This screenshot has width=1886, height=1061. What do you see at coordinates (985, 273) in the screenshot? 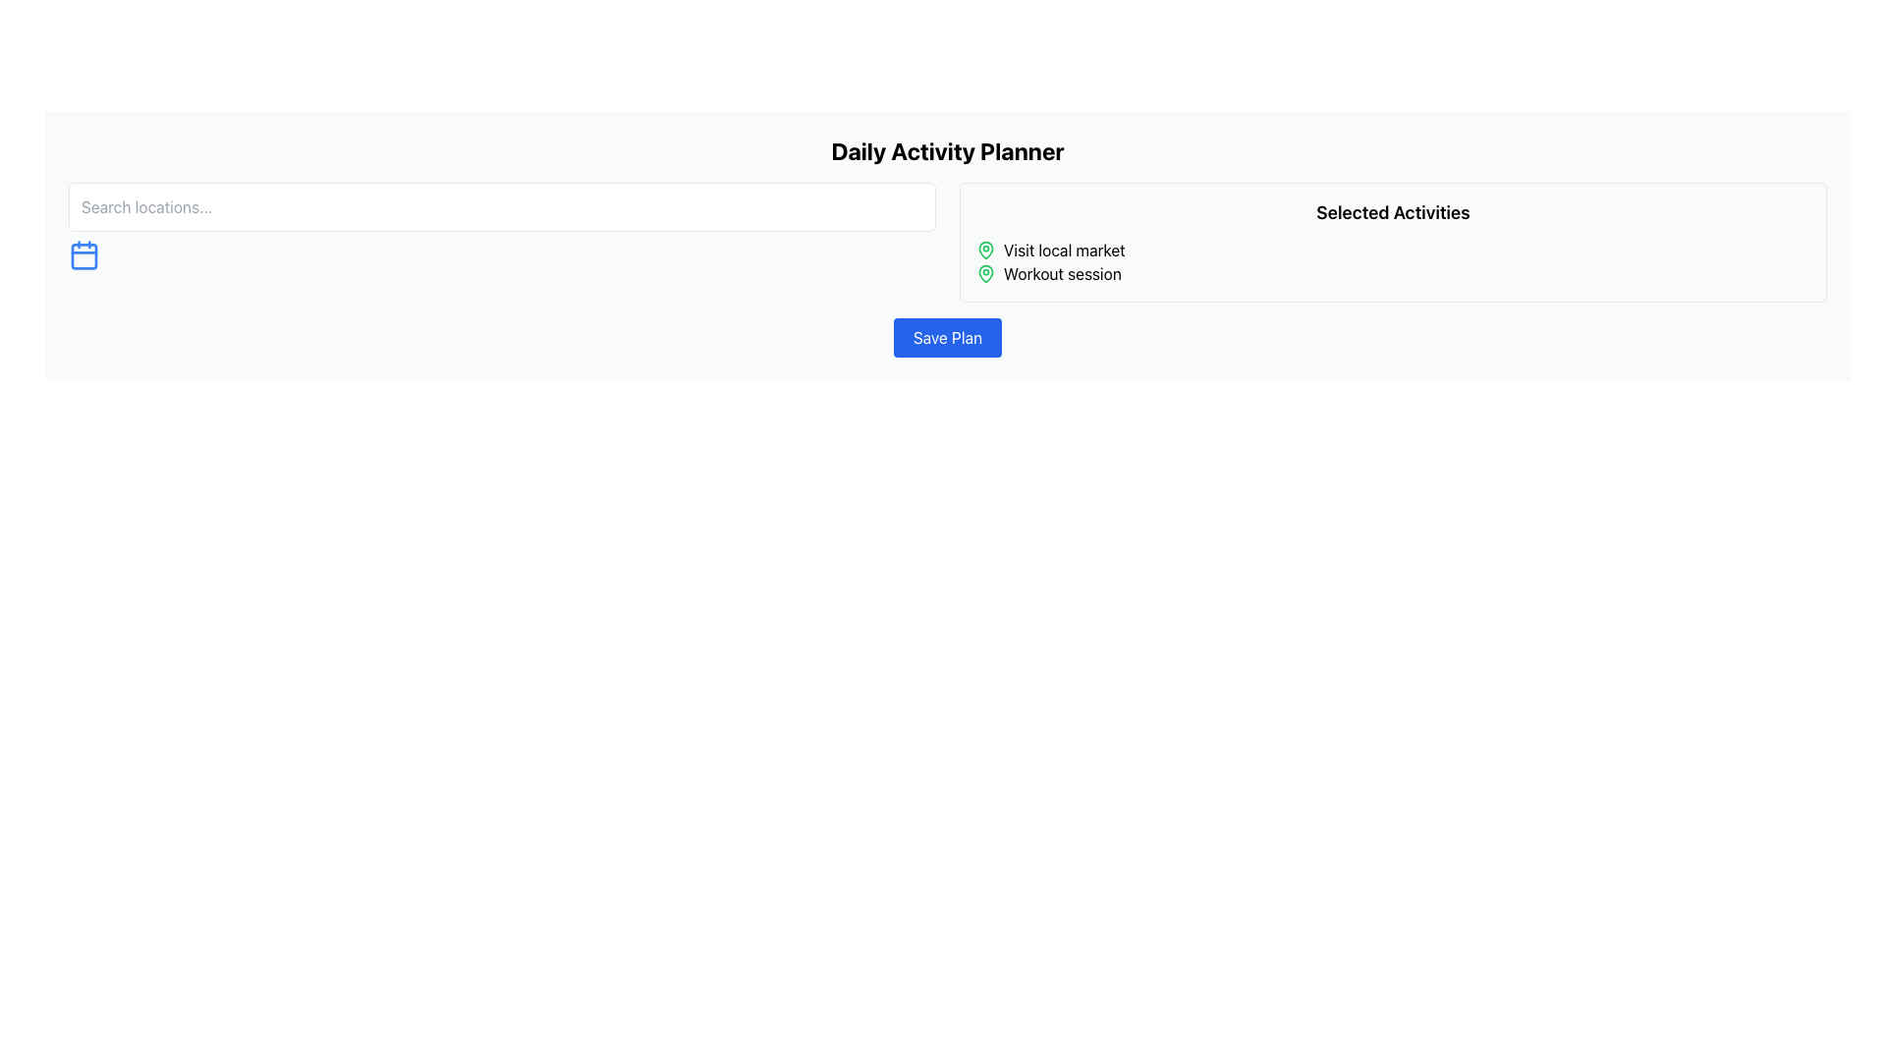
I see `the icon representing the 'Workout session' to interact with its functionality` at bounding box center [985, 273].